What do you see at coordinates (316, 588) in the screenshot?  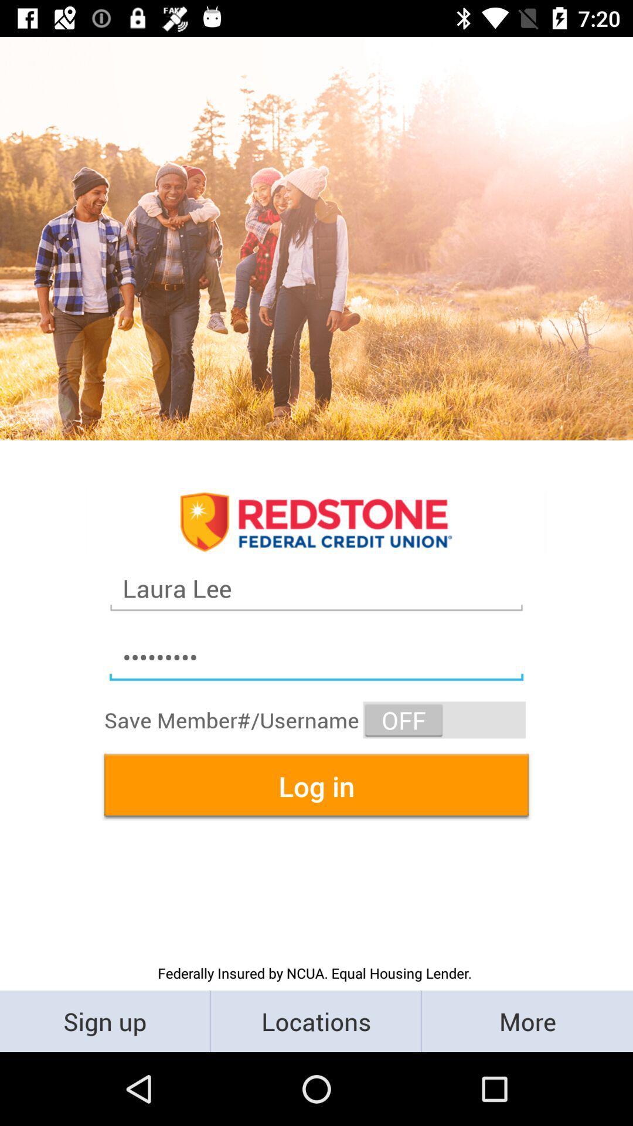 I see `icon above the crowd3116` at bounding box center [316, 588].